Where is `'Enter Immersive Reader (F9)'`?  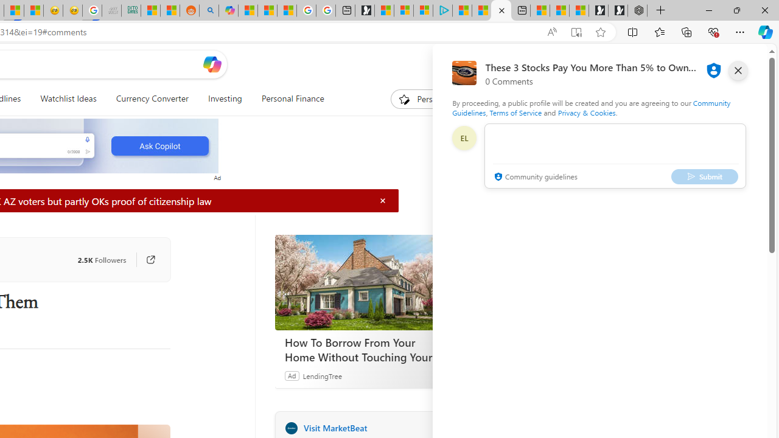 'Enter Immersive Reader (F9)' is located at coordinates (575, 32).